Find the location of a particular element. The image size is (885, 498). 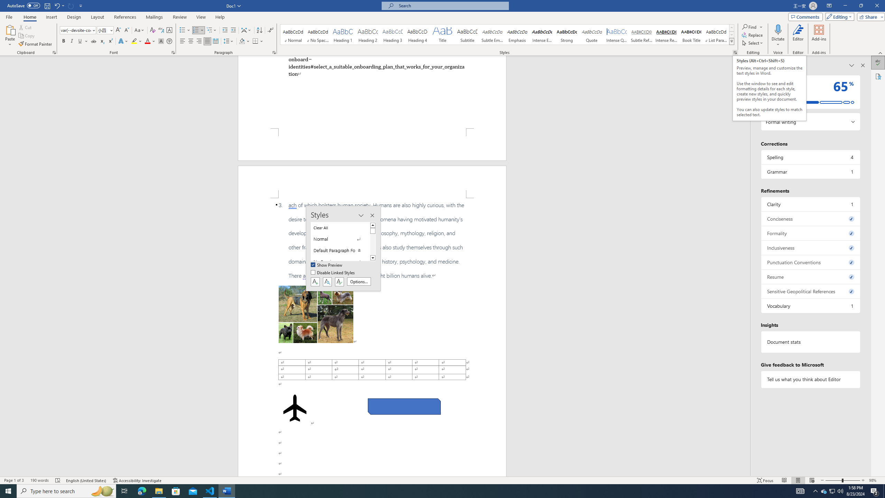

'Accessibility' is located at coordinates (878, 76).